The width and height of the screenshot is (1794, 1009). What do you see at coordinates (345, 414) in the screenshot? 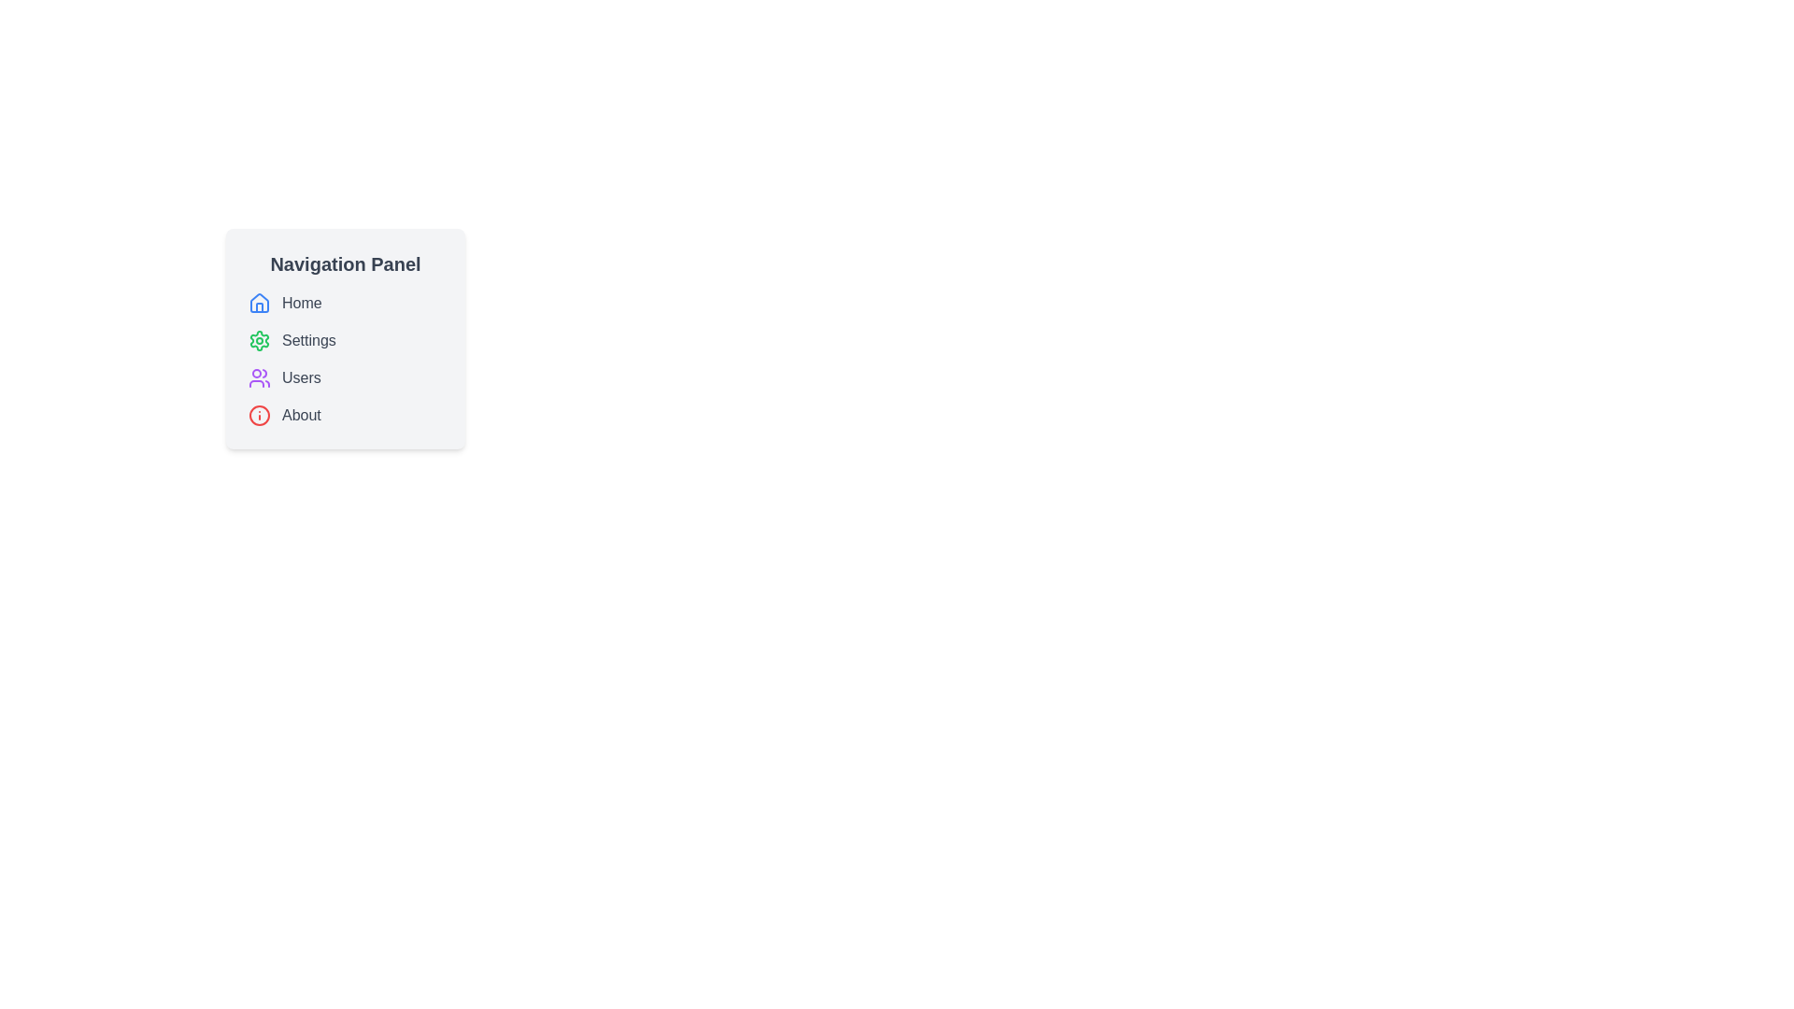
I see `the 'About' menu item in the navigation menu, which is the fourth item below the 'Users' option, characterized by medium-weight gray text and a red information icon` at bounding box center [345, 414].